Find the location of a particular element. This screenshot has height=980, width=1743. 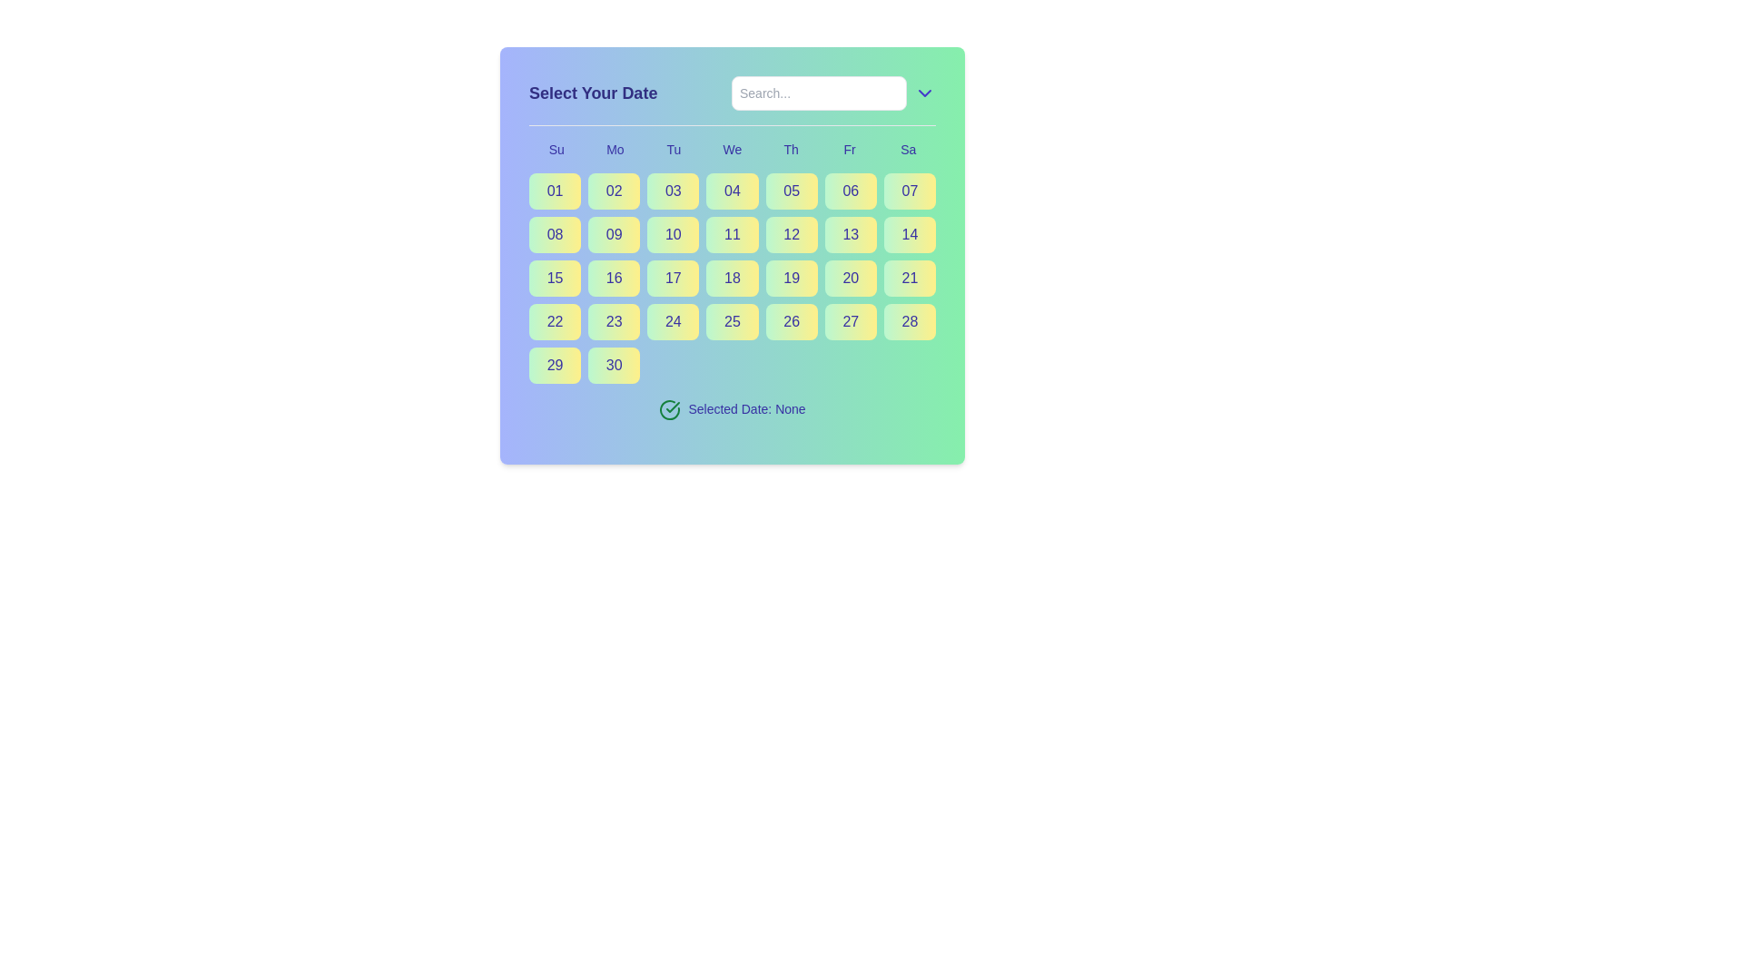

the button labeled '12' in the second row and fifth column of the calendar interface to observe style changes is located at coordinates (792, 233).